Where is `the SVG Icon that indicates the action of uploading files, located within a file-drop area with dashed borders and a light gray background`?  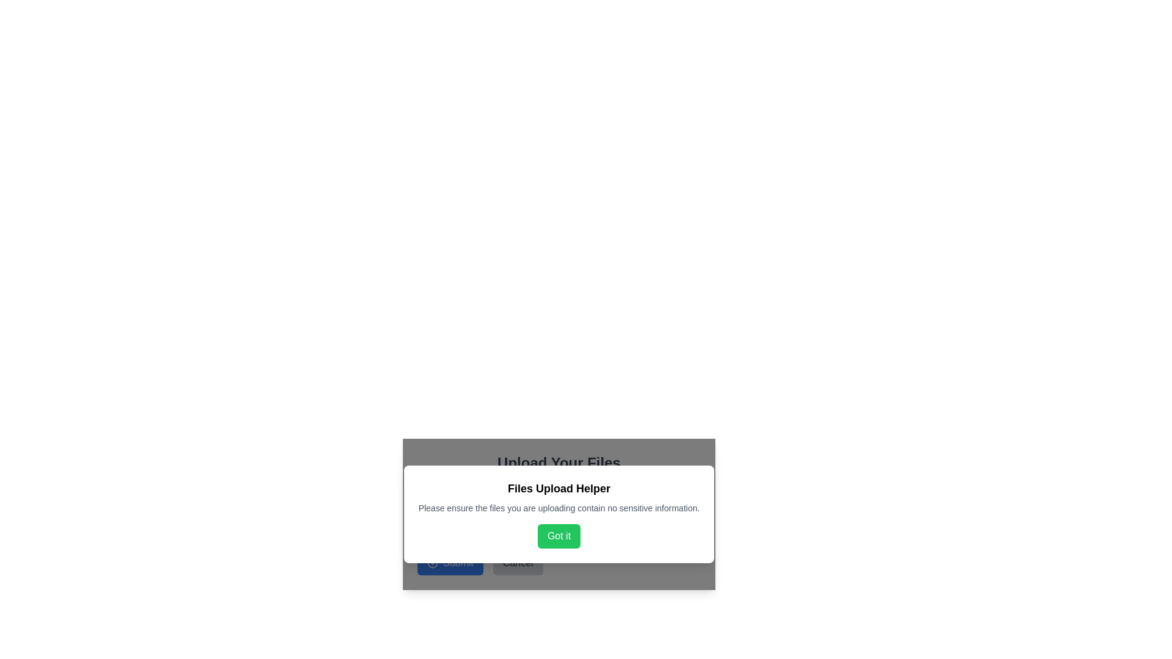
the SVG Icon that indicates the action of uploading files, located within a file-drop area with dashed borders and a light gray background is located at coordinates (559, 503).